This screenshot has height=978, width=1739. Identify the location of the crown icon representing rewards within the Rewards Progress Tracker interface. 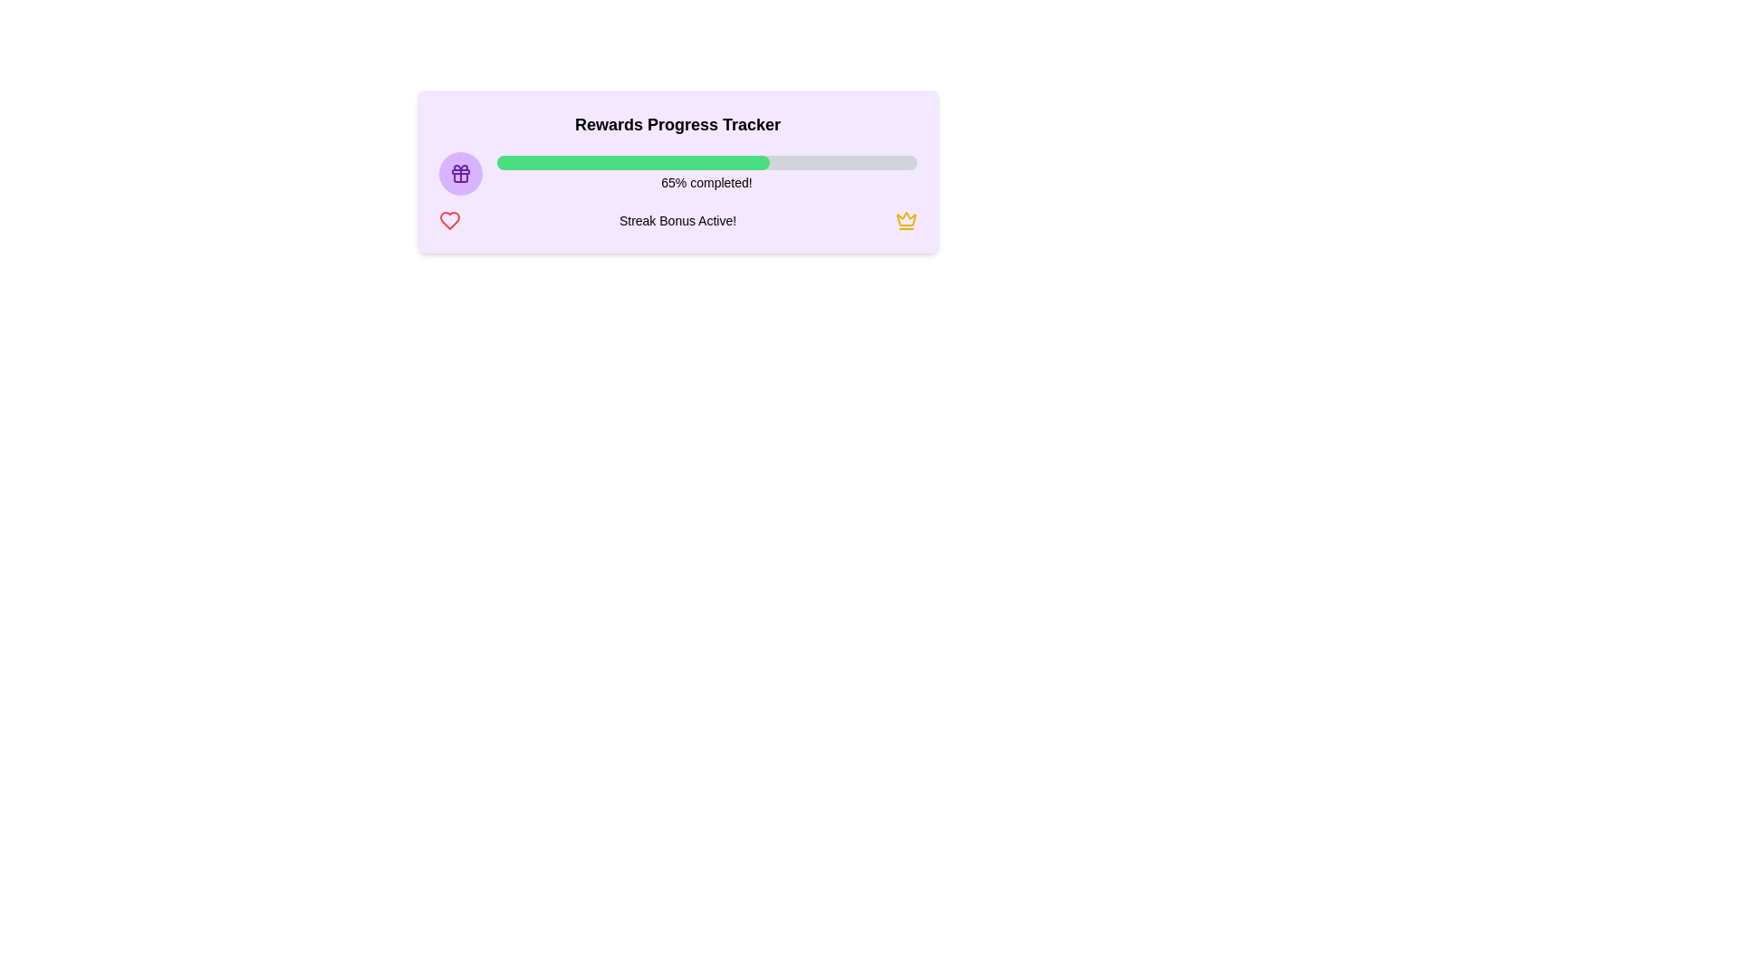
(906, 218).